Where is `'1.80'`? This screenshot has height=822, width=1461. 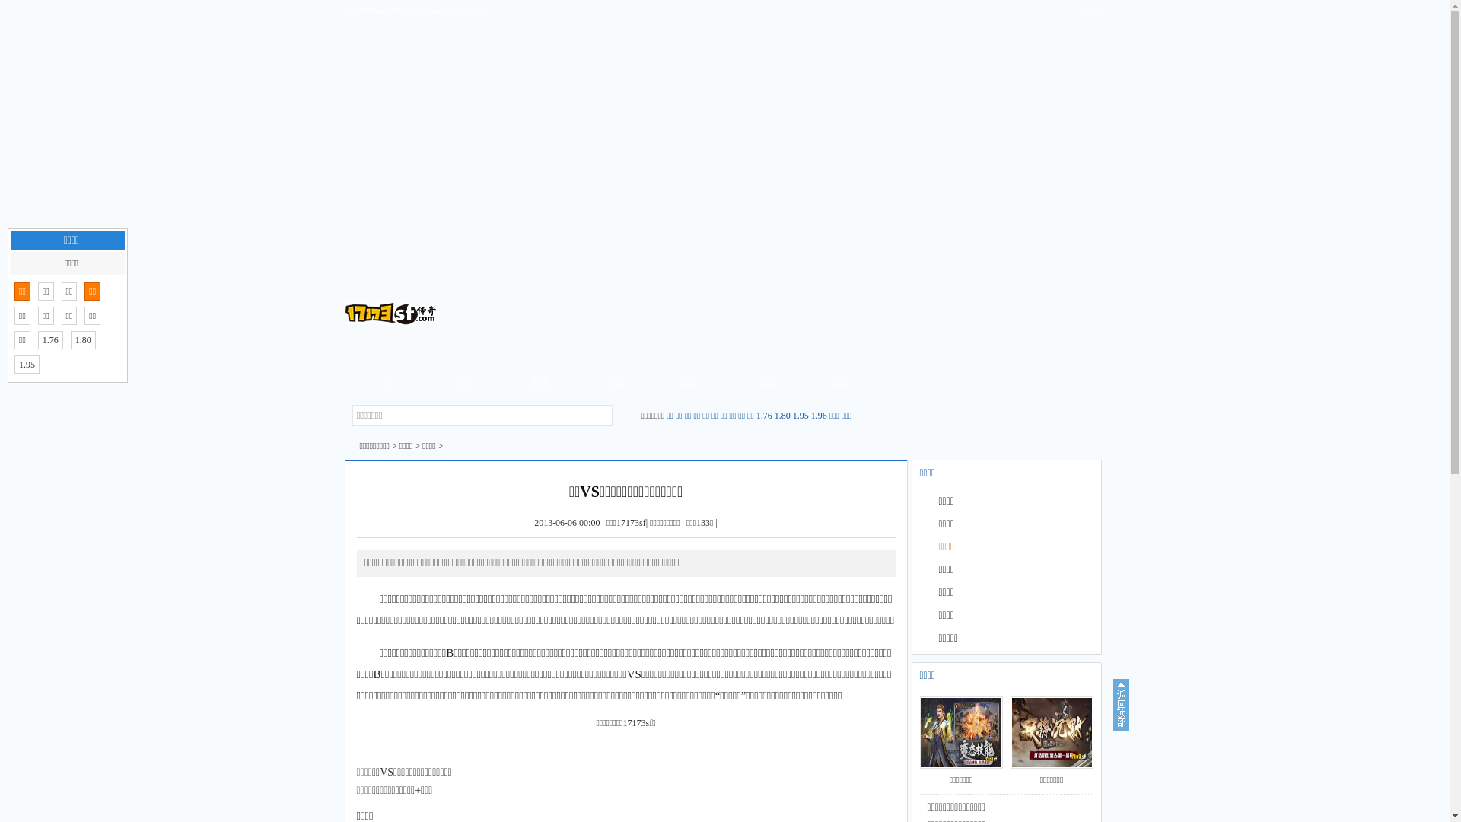 '1.80' is located at coordinates (82, 339).